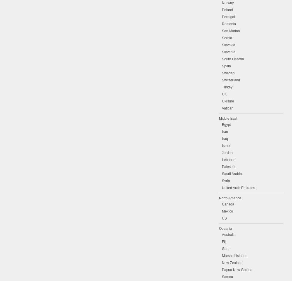  Describe the element at coordinates (228, 101) in the screenshot. I see `'Ukraine'` at that location.